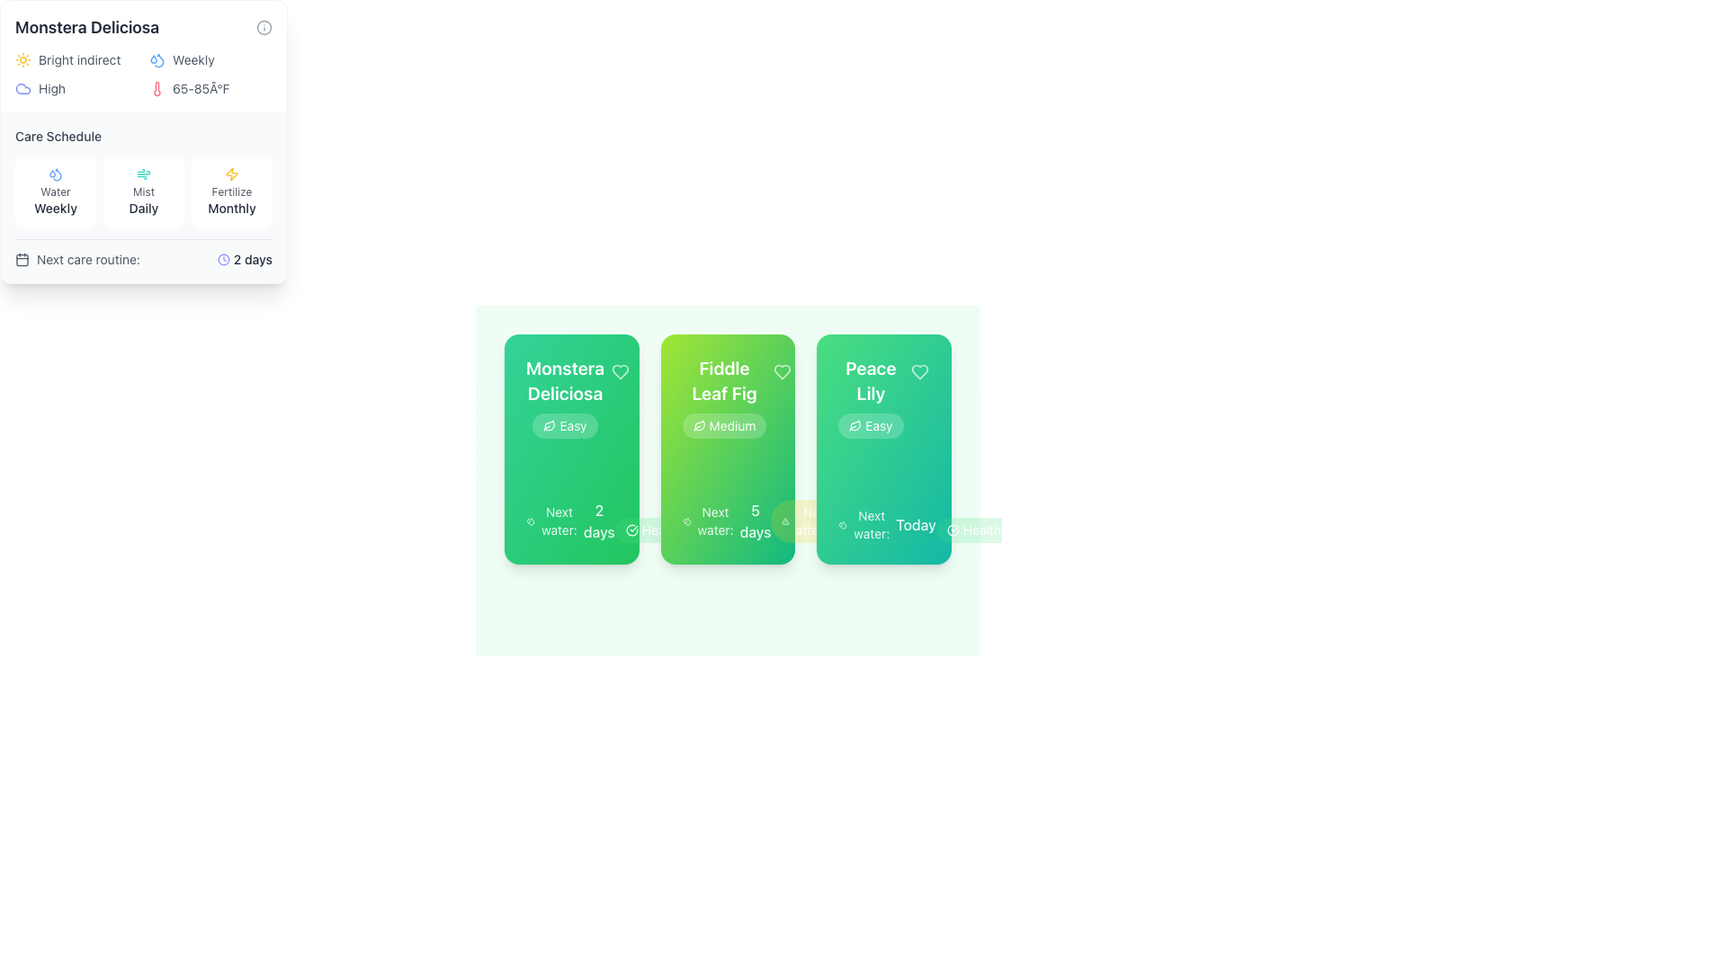  What do you see at coordinates (570, 396) in the screenshot?
I see `the Label with an accompanying tag that denotes the name and care level of a plant, located in the top-left quadrant of the plant care cards list` at bounding box center [570, 396].